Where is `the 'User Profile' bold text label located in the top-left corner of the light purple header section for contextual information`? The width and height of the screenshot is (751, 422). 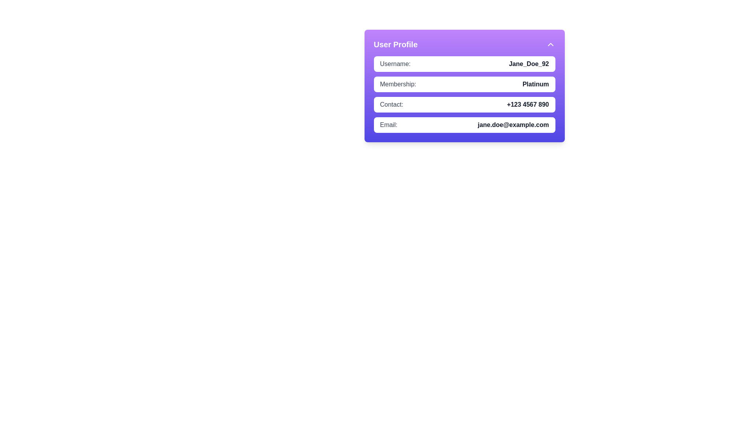 the 'User Profile' bold text label located in the top-left corner of the light purple header section for contextual information is located at coordinates (395, 45).